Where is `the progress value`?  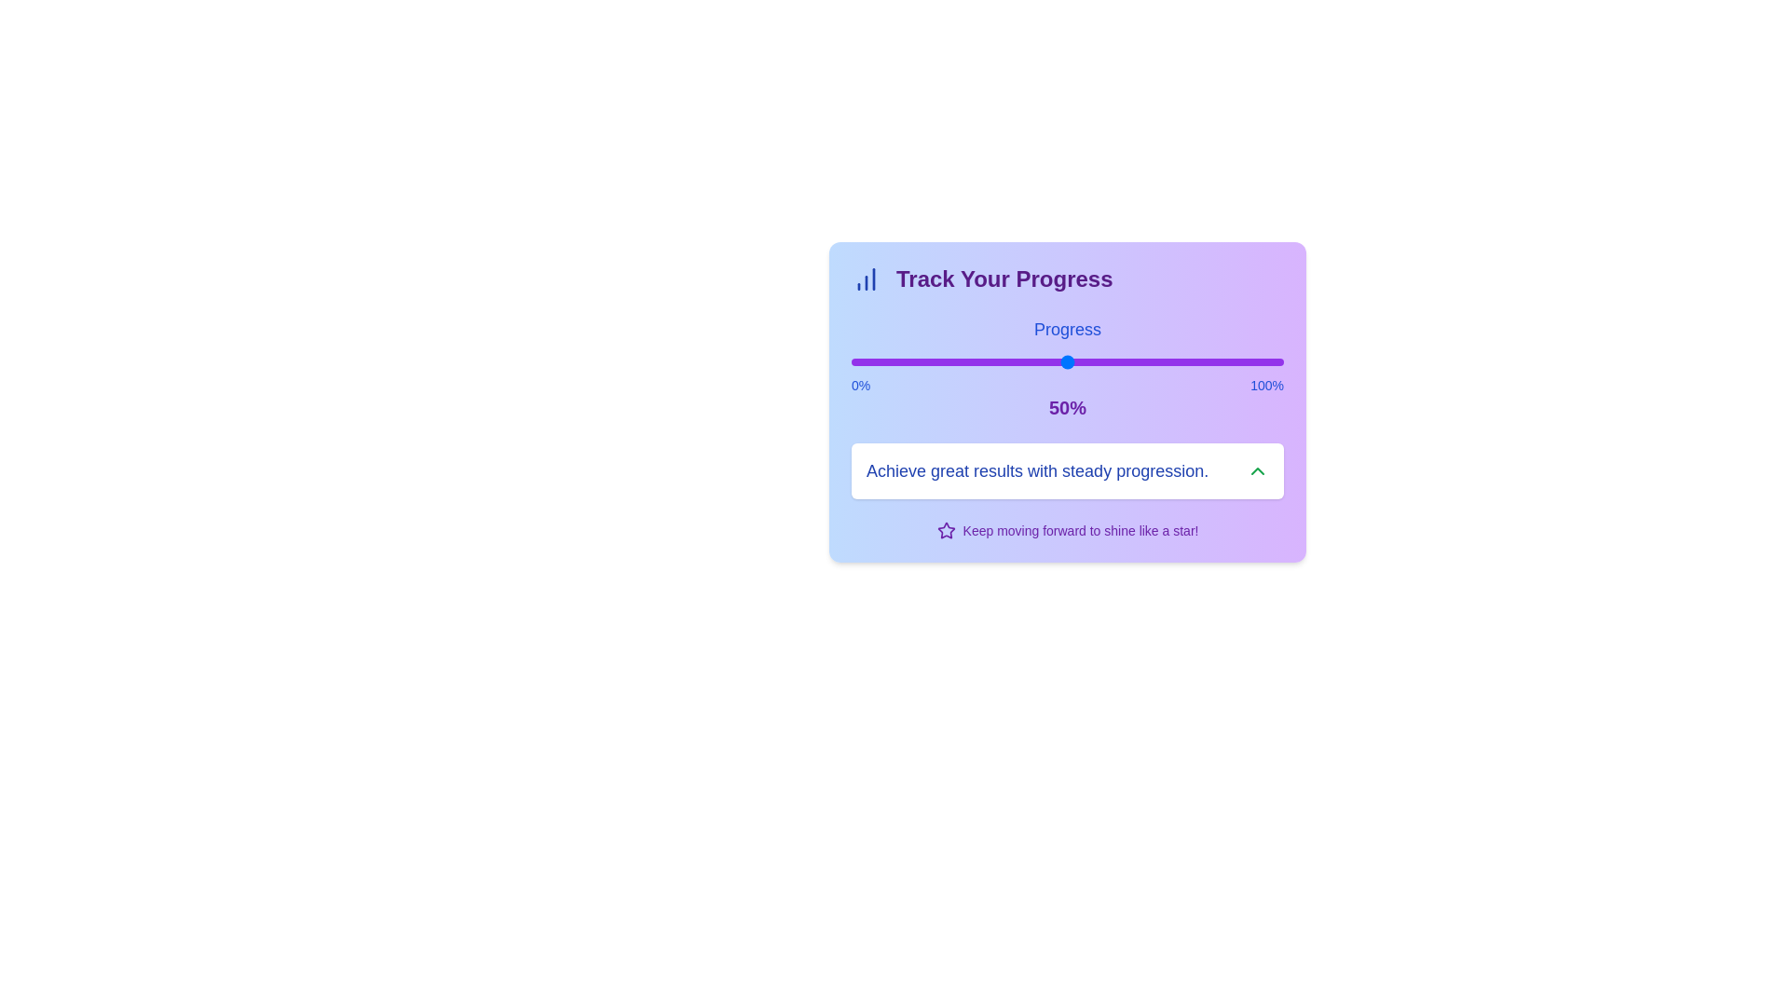 the progress value is located at coordinates (1072, 362).